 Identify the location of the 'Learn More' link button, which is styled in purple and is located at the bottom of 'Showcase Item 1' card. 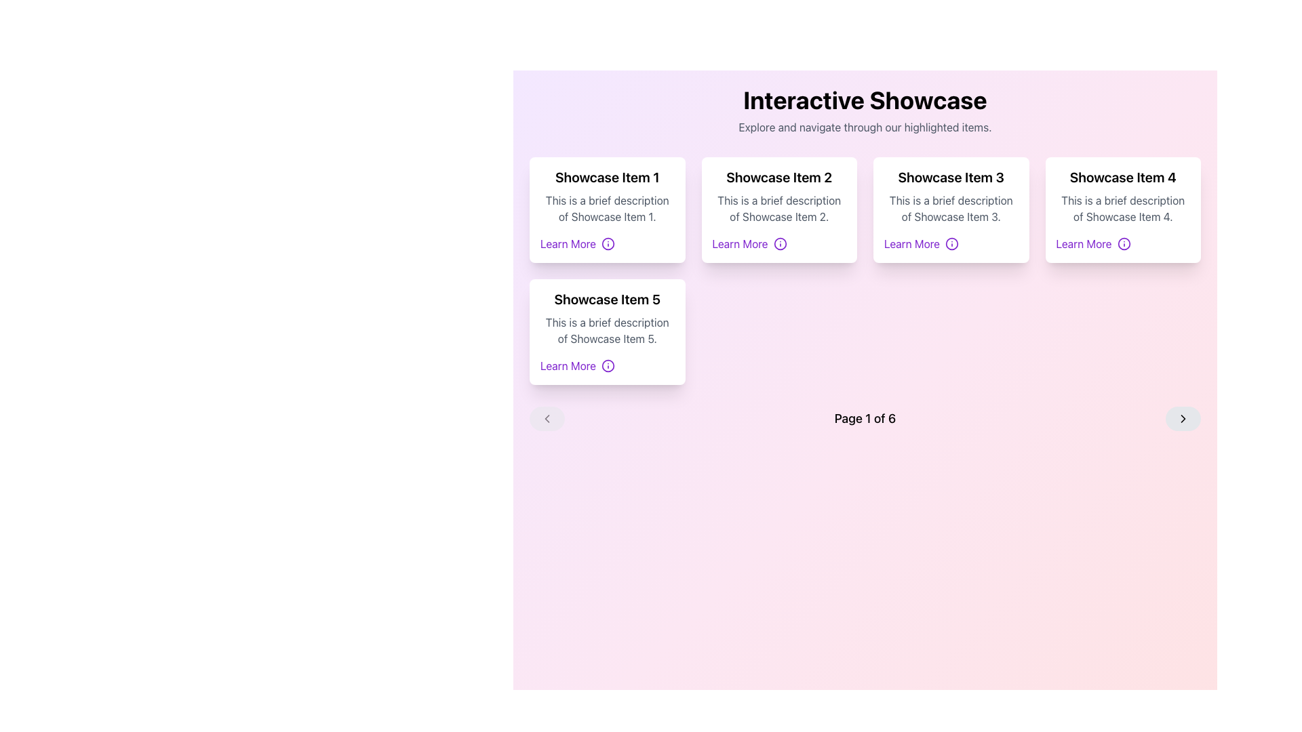
(606, 243).